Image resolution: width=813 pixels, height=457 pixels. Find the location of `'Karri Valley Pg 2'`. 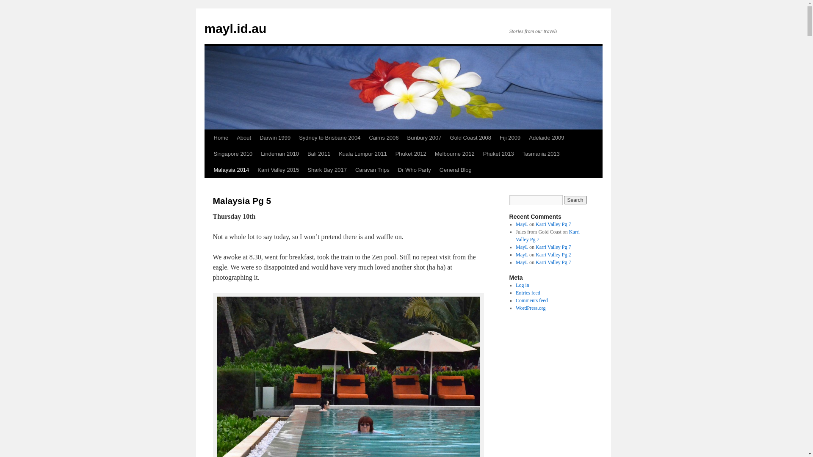

'Karri Valley Pg 2' is located at coordinates (553, 254).